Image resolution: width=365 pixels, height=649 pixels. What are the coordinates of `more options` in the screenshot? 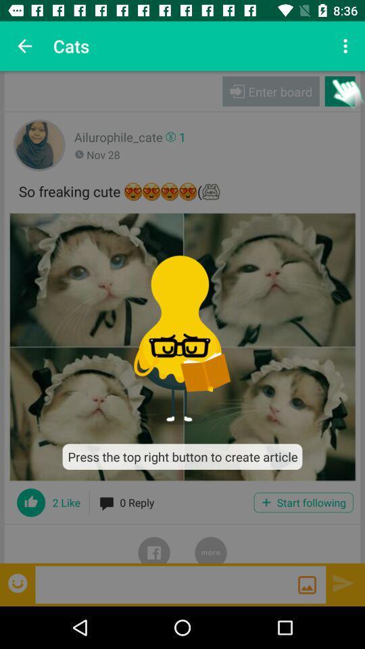 It's located at (211, 544).